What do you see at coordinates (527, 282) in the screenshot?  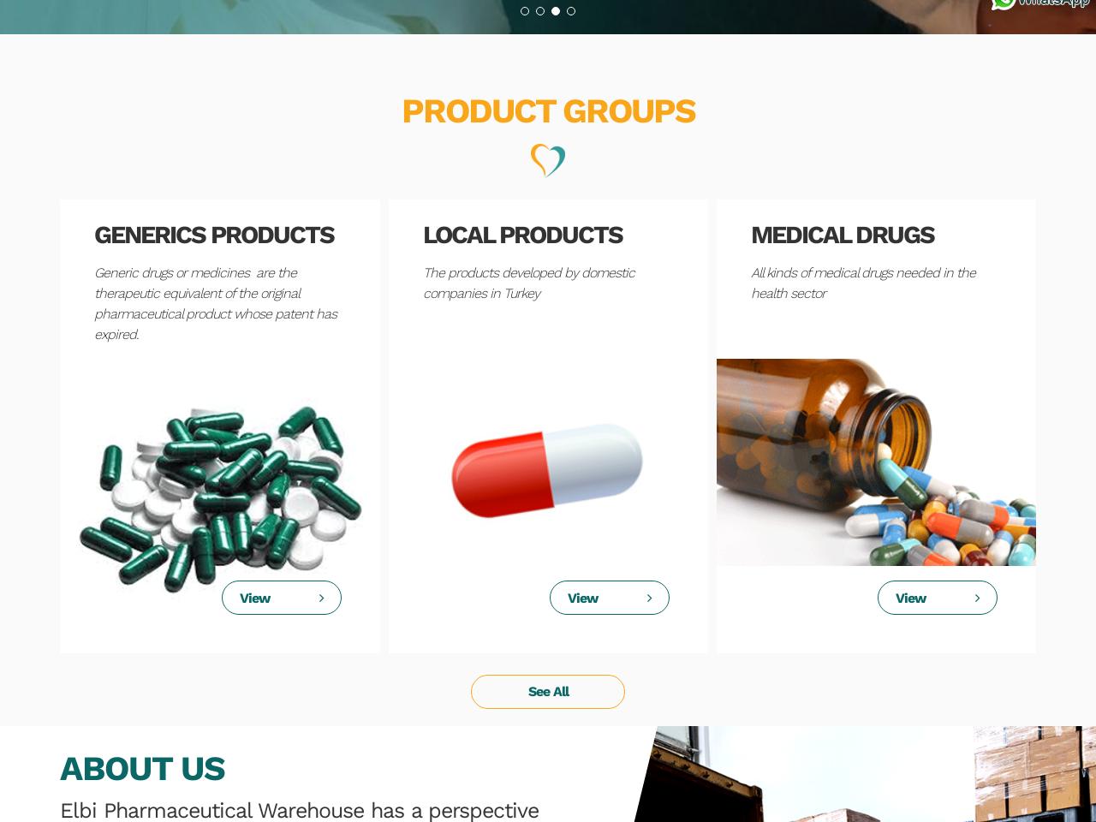 I see `'The products developed by domestic companies in Turkey'` at bounding box center [527, 282].